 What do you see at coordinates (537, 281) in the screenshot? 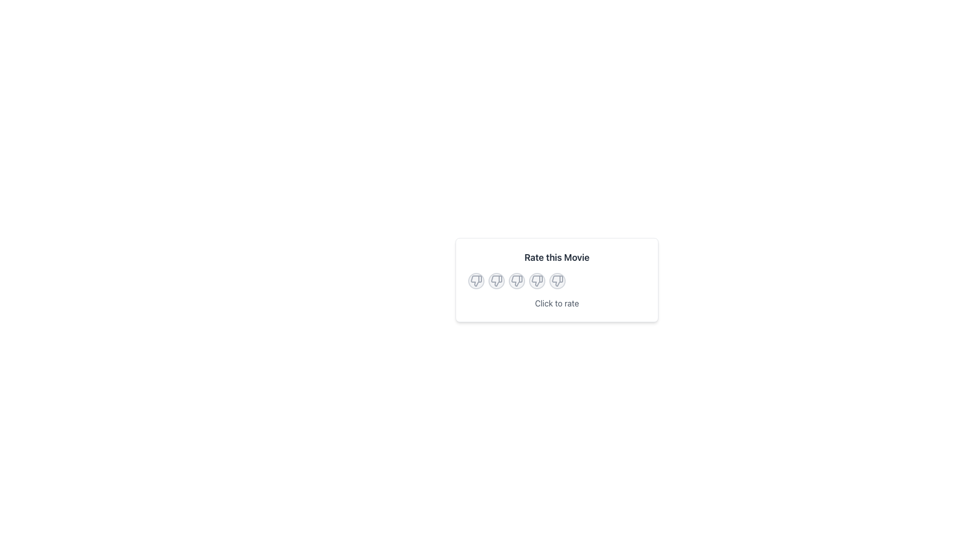
I see `to select the fourth thumb-down icon in the series of rating icons below the 'Rate this Movie' header` at bounding box center [537, 281].